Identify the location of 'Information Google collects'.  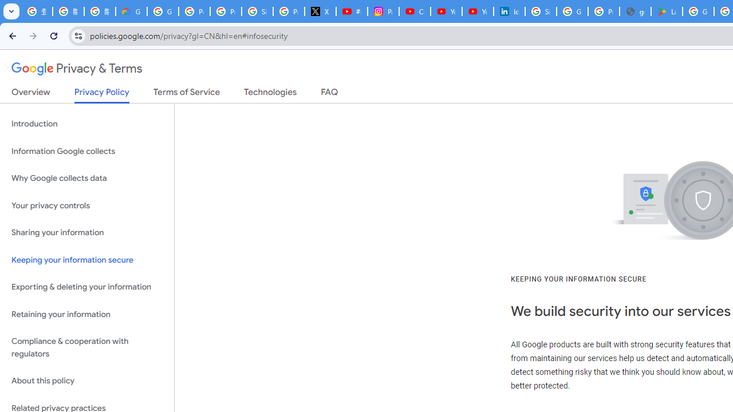
(86, 150).